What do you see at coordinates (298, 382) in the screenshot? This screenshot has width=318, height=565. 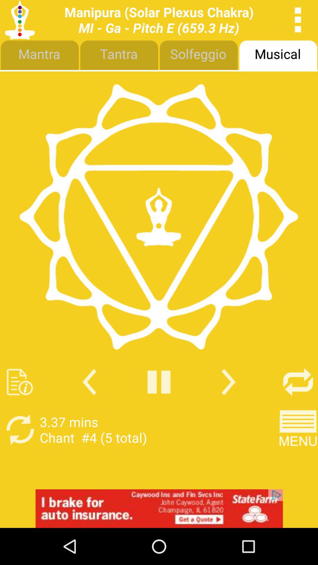 I see `on and off repeat` at bounding box center [298, 382].